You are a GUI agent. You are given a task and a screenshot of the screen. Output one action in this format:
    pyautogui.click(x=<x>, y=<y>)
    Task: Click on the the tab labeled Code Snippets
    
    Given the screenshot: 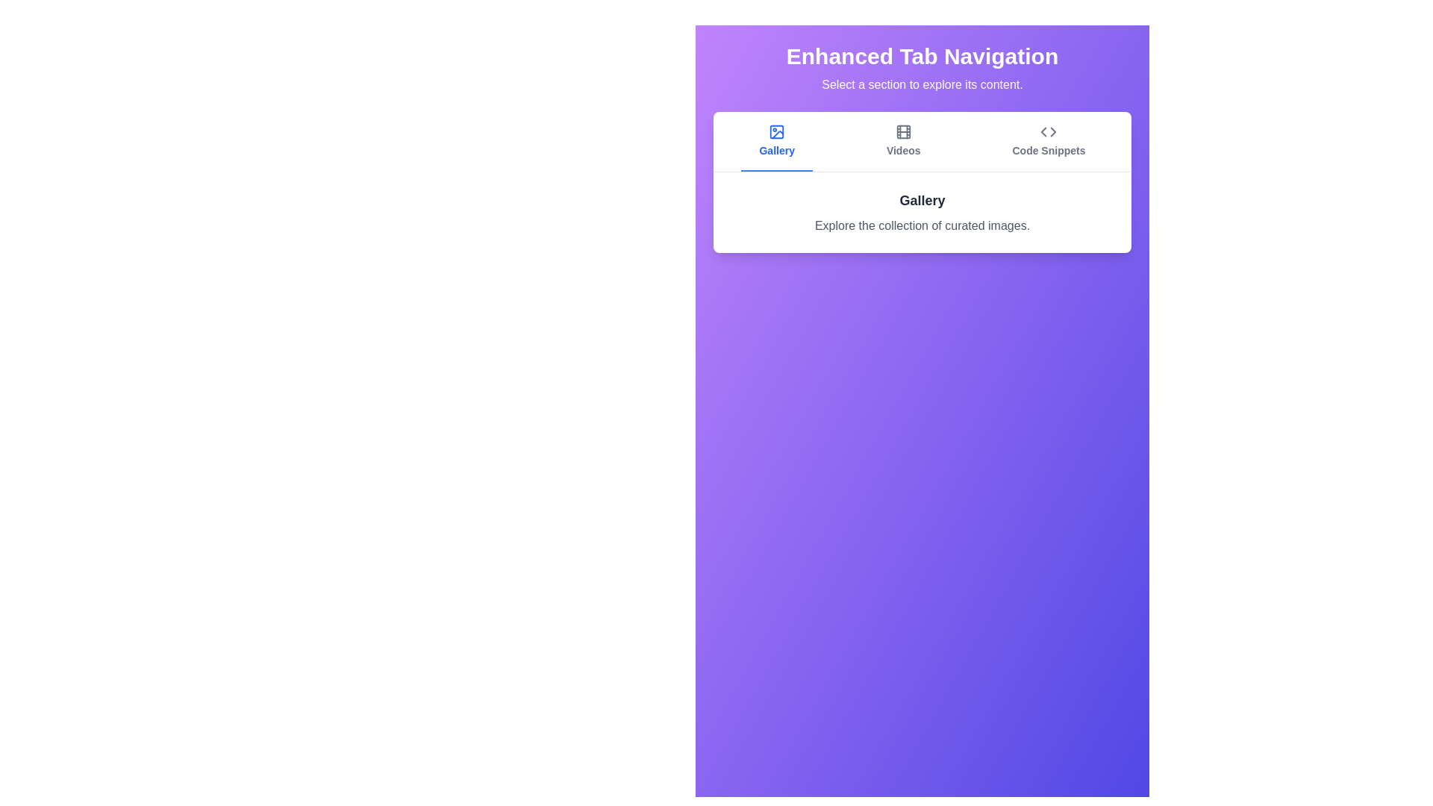 What is the action you would take?
    pyautogui.click(x=1048, y=141)
    